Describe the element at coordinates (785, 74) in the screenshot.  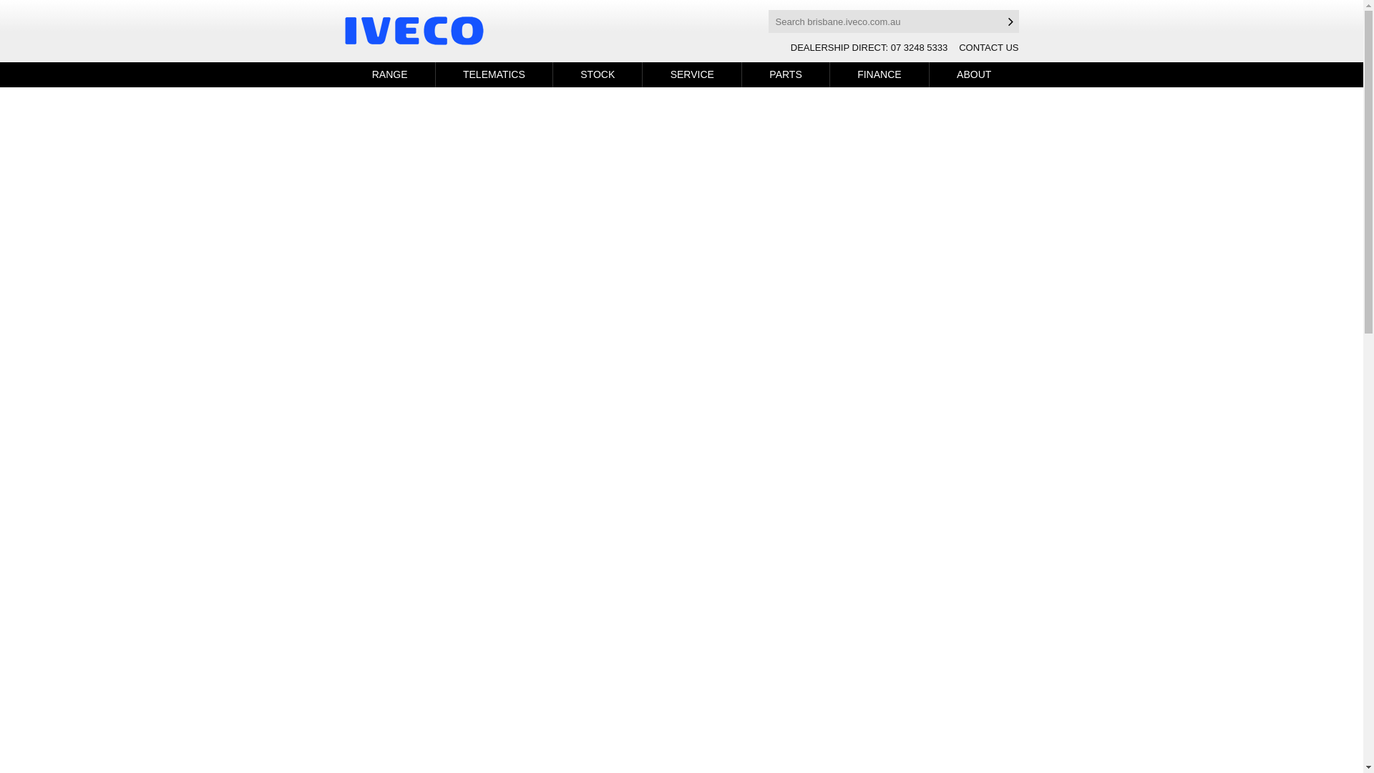
I see `'PARTS'` at that location.